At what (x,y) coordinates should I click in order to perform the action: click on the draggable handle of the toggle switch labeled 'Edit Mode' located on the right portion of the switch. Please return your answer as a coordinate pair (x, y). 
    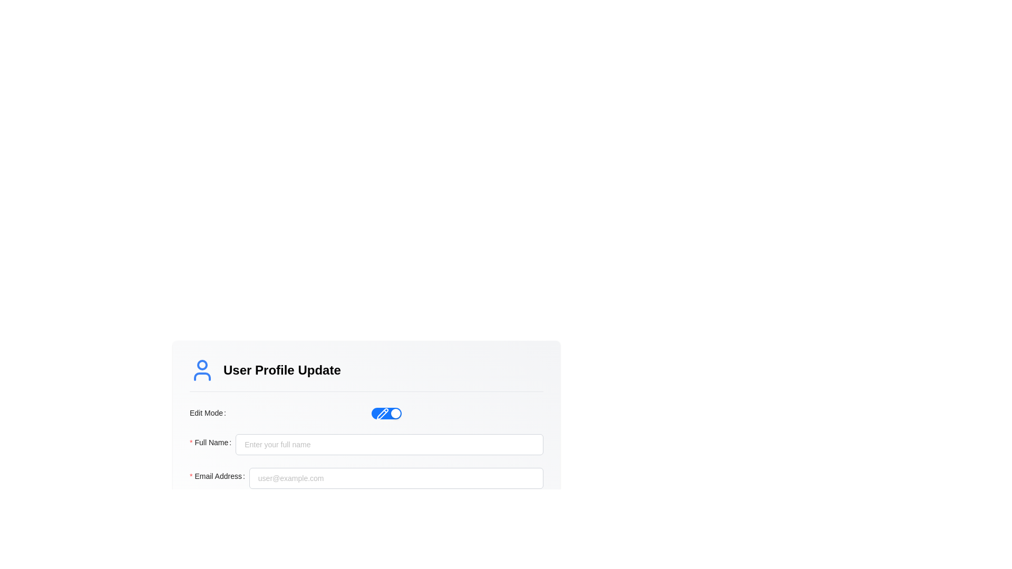
    Looking at the image, I should click on (395, 413).